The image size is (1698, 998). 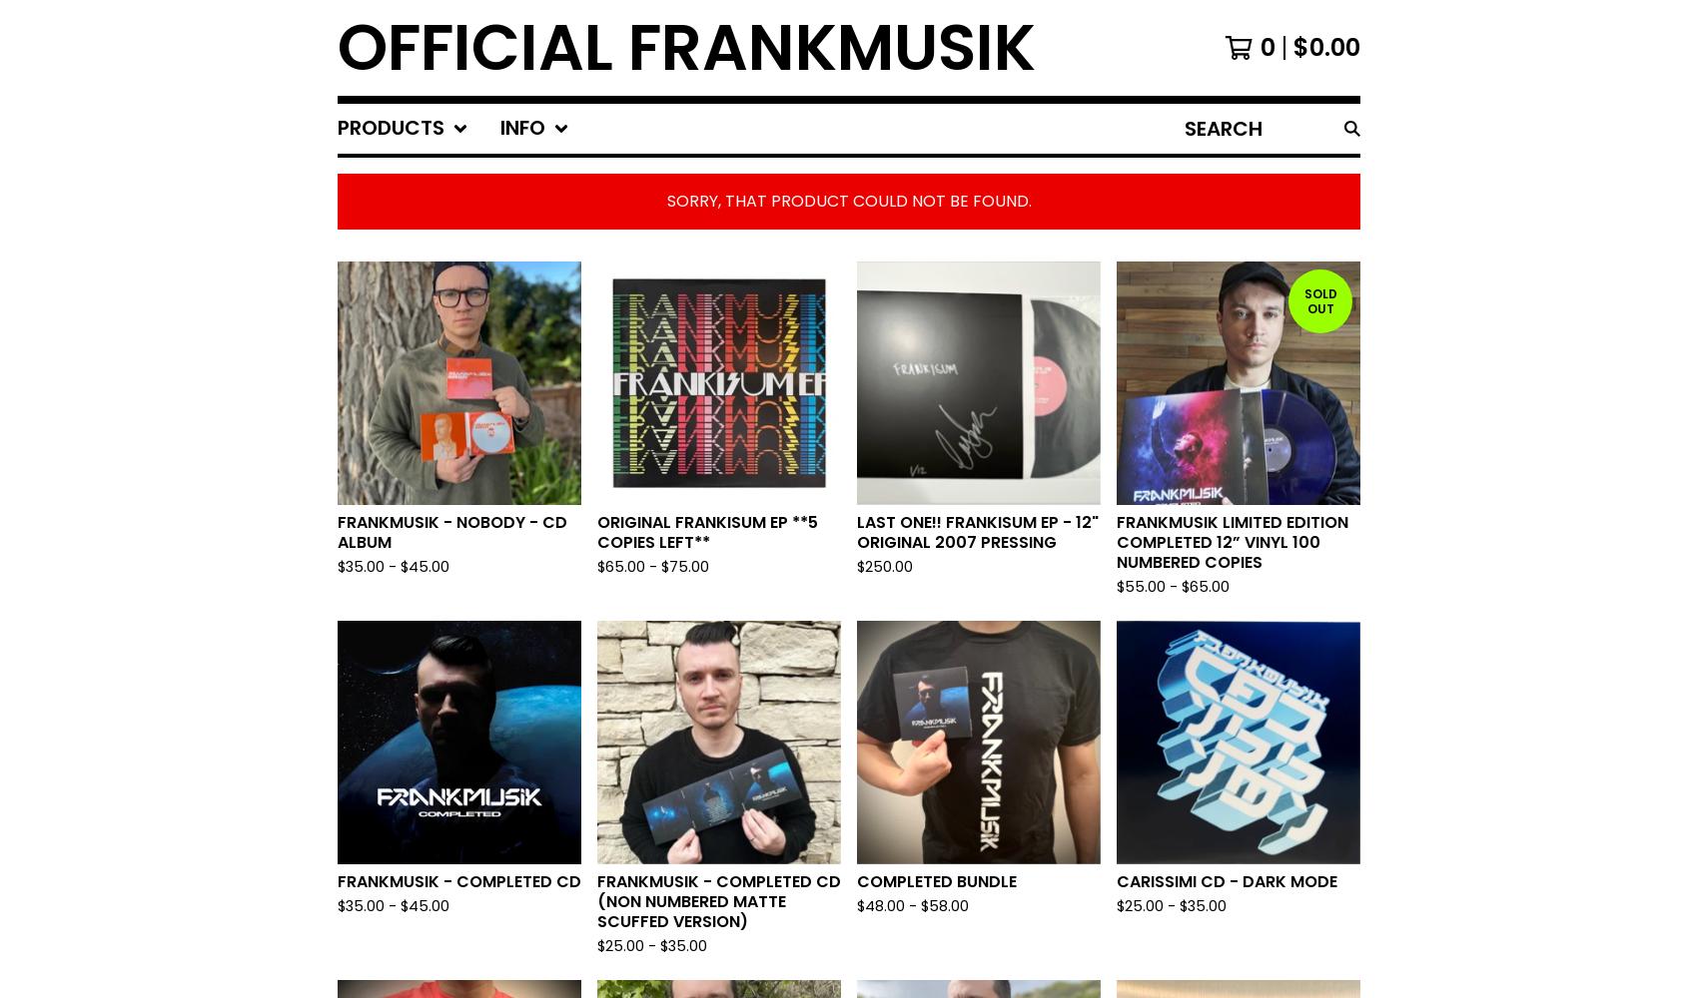 I want to click on '55.00 -', so click(x=1125, y=586).